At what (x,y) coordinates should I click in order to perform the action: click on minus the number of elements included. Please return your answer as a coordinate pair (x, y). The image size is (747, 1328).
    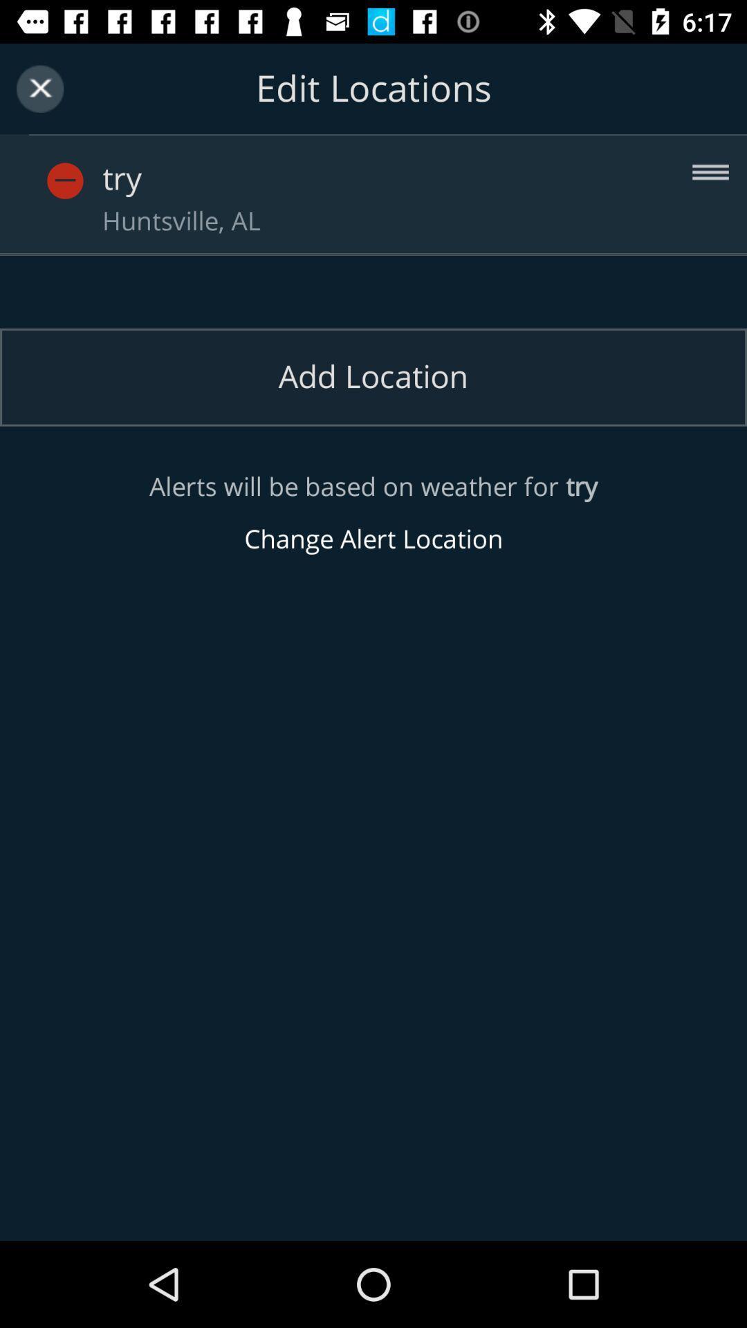
    Looking at the image, I should click on (91, 166).